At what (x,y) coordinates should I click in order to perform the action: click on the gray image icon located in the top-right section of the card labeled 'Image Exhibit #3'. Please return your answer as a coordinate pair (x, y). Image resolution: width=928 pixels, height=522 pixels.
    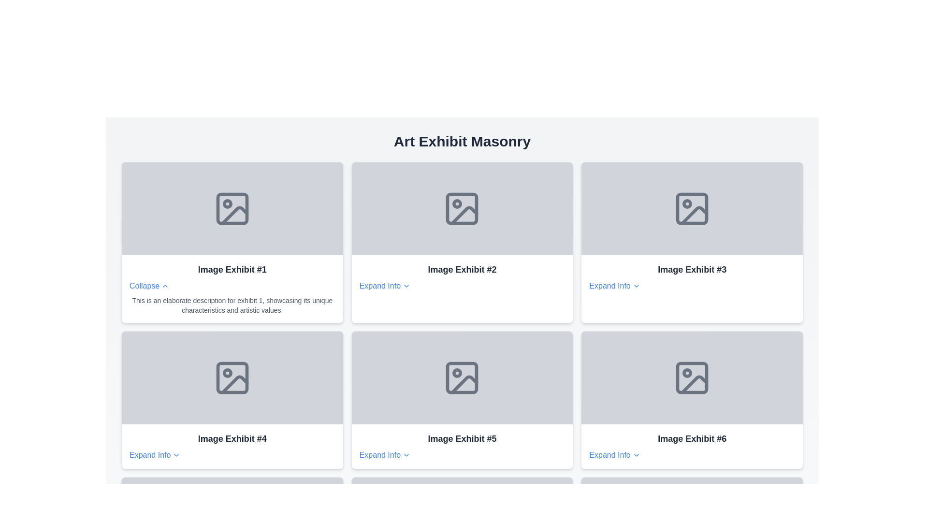
    Looking at the image, I should click on (692, 208).